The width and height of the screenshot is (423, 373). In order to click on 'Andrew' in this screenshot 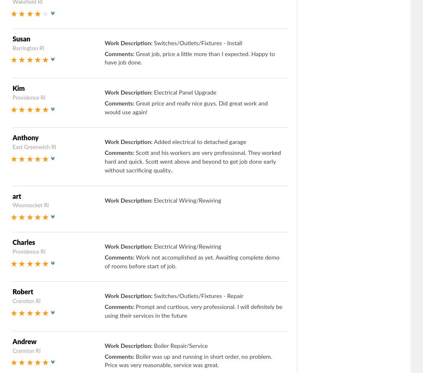, I will do `click(12, 341)`.